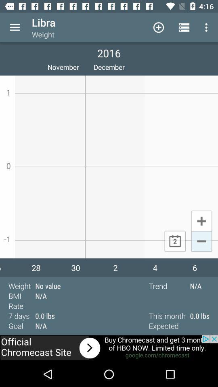  I want to click on chromecast advertisement, so click(109, 348).